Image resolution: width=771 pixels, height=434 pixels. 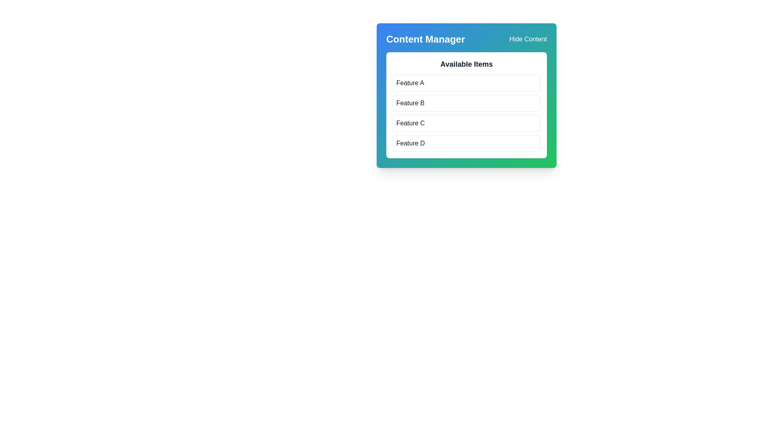 What do you see at coordinates (466, 95) in the screenshot?
I see `the 'Feature B' list item under the 'Available Items' category` at bounding box center [466, 95].